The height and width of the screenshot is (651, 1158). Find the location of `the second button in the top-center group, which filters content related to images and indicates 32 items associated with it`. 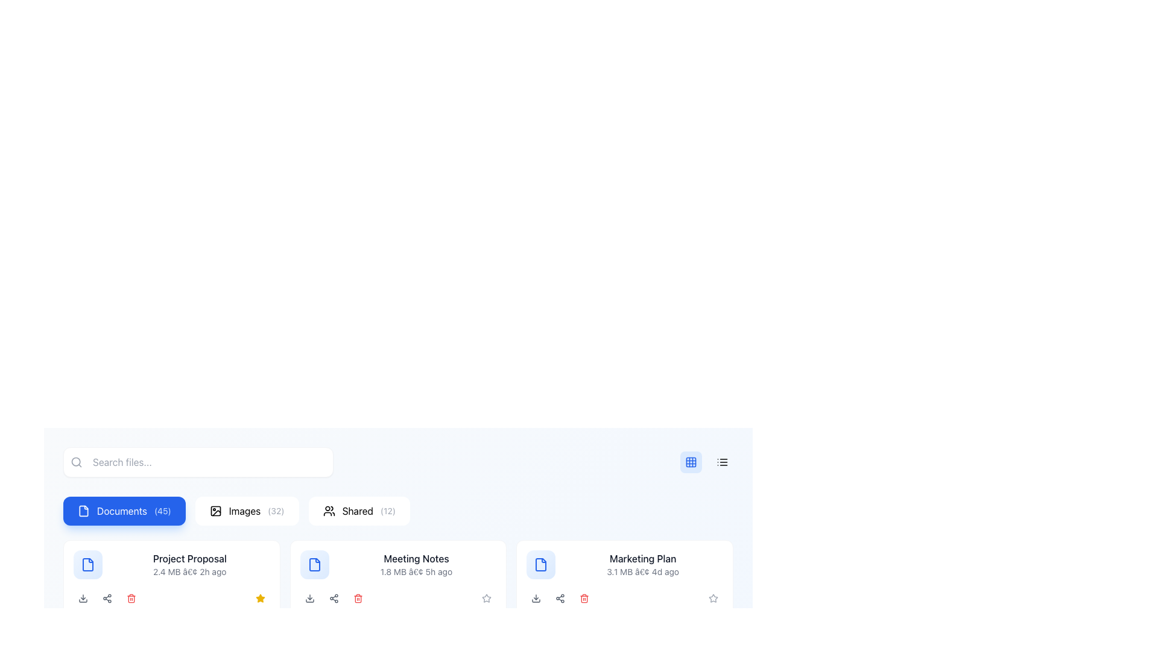

the second button in the top-center group, which filters content related to images and indicates 32 items associated with it is located at coordinates (246, 511).